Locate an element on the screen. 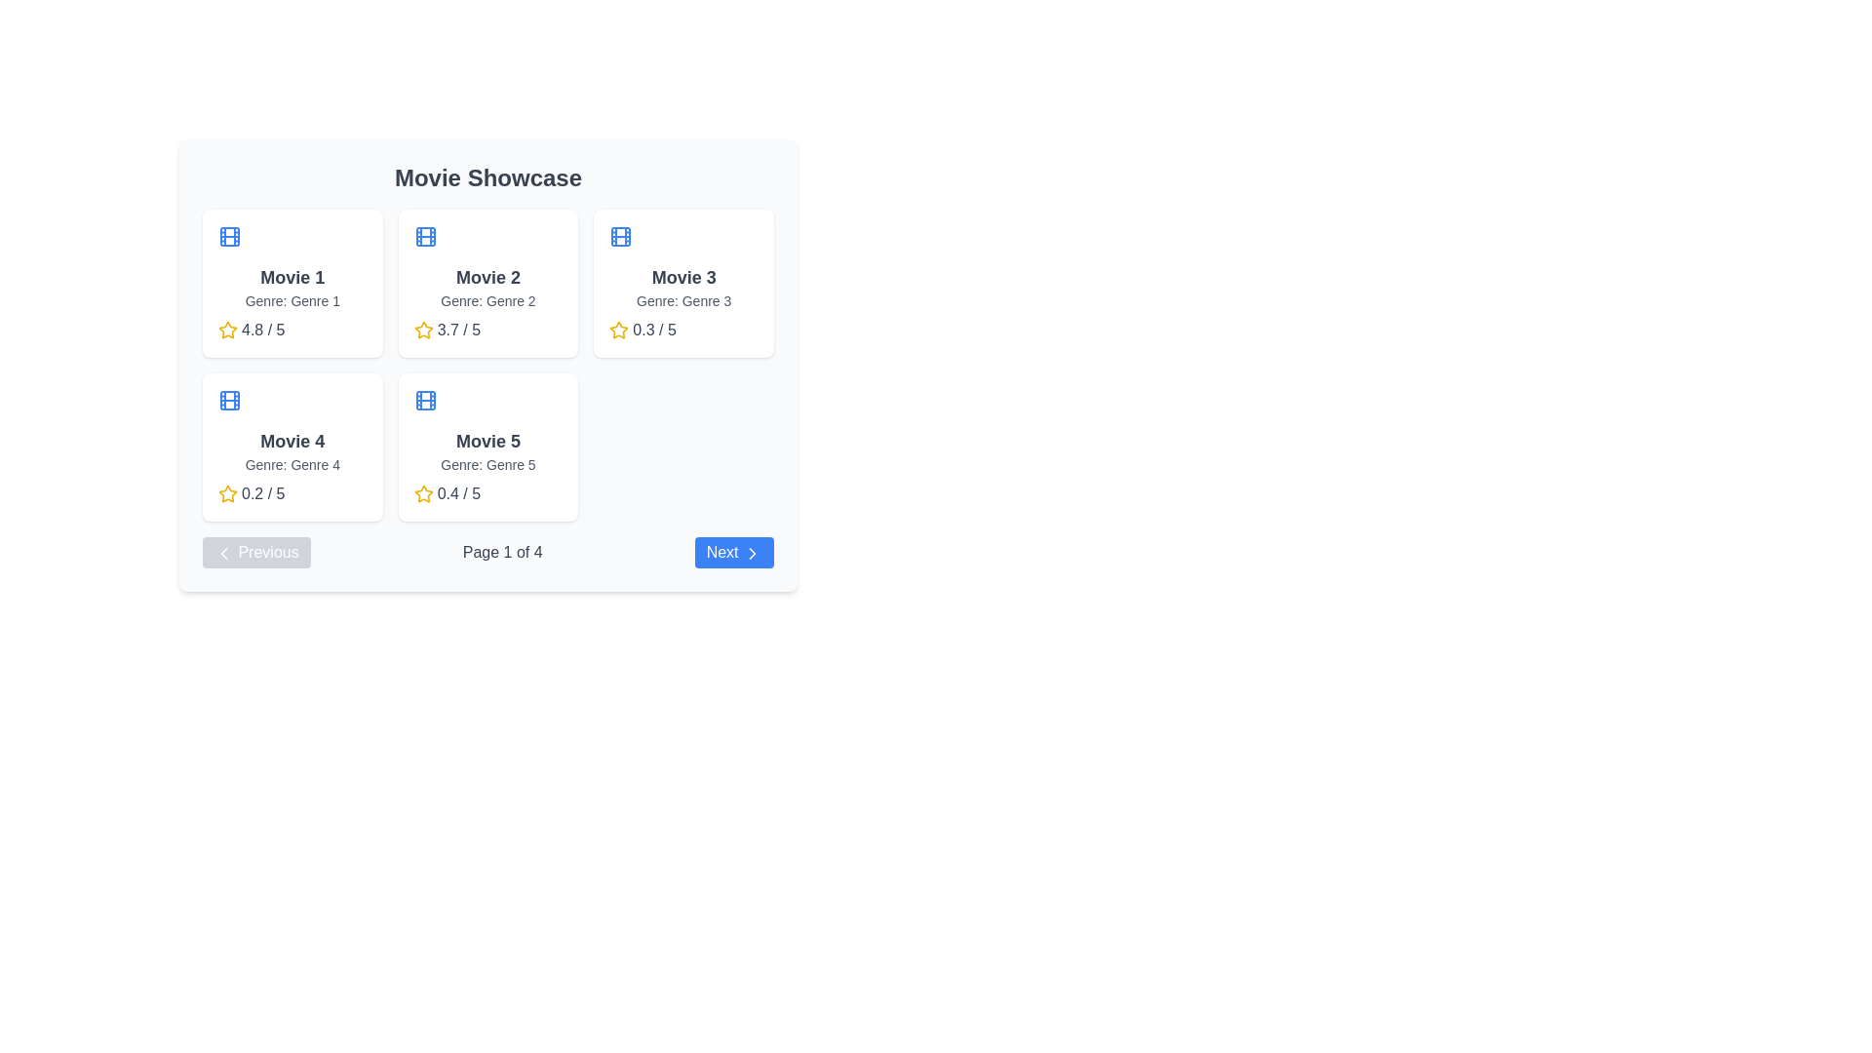  the star icon in the rating section under 'Movie 4' to associate it with the rating text '0.2 / 5.' is located at coordinates (228, 492).